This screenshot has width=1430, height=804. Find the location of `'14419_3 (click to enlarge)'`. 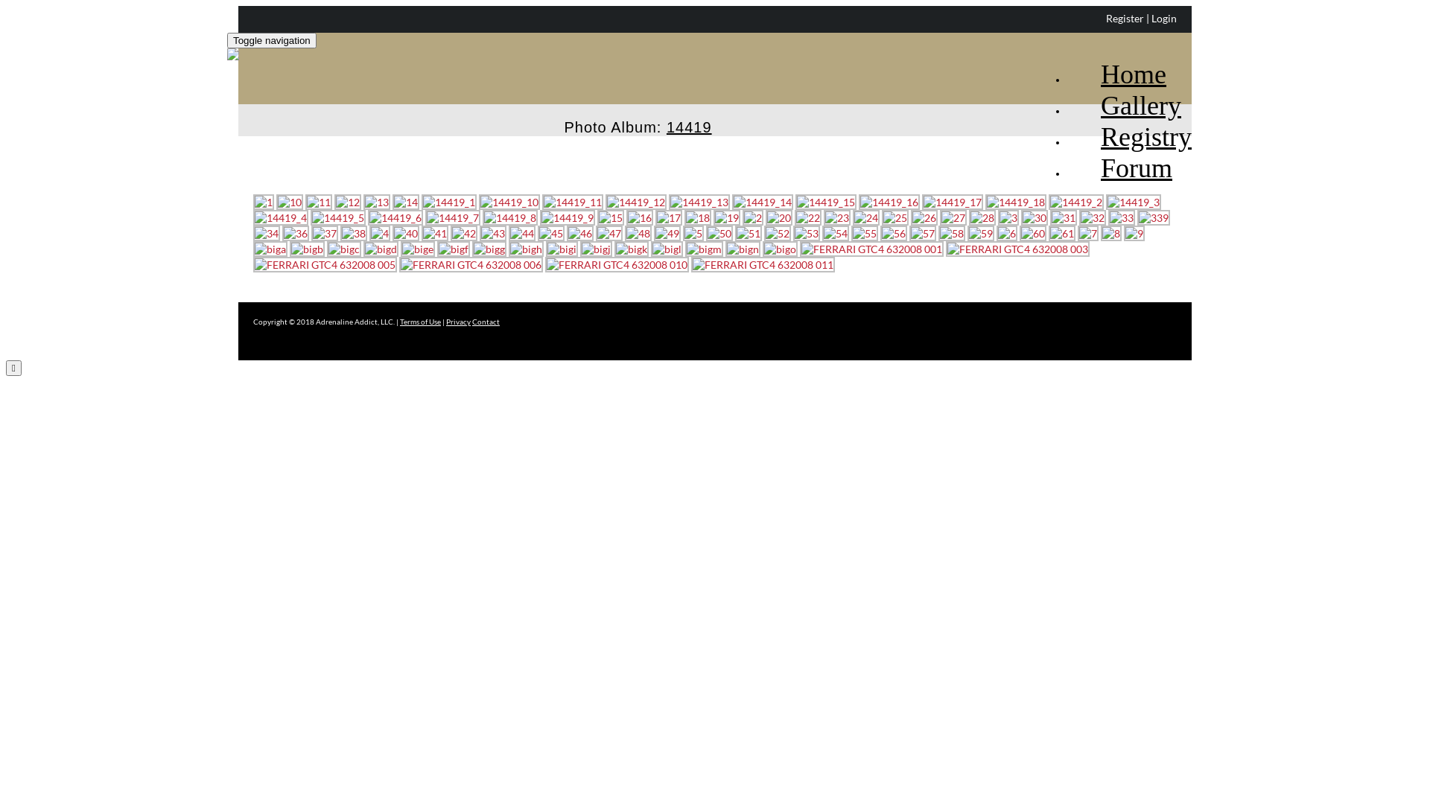

'14419_3 (click to enlarge)' is located at coordinates (1132, 202).